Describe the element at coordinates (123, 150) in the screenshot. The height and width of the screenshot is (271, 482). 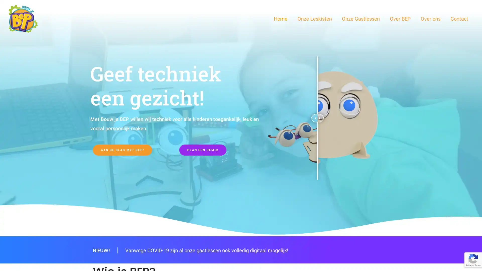
I see `AAN DE SLAG MET BEP!` at that location.